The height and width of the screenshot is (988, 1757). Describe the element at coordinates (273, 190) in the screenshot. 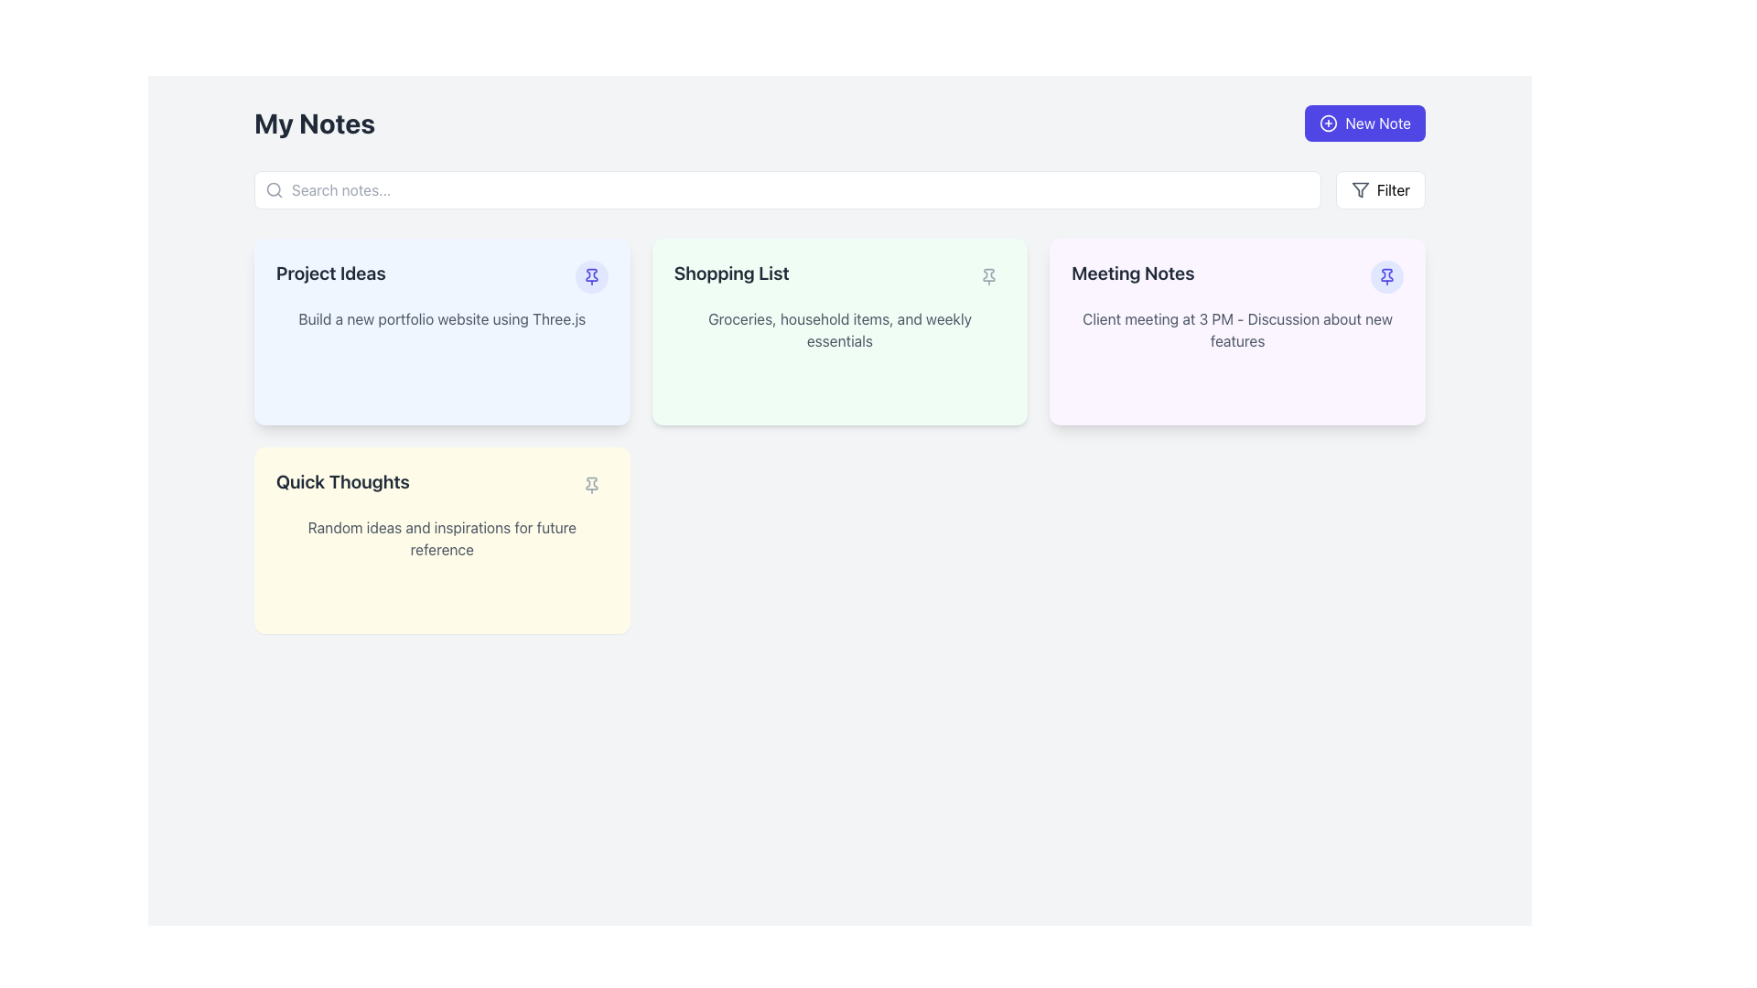

I see `the search icon located on the left side of the search bar, which is near the placeholder text 'Search notes...'` at that location.